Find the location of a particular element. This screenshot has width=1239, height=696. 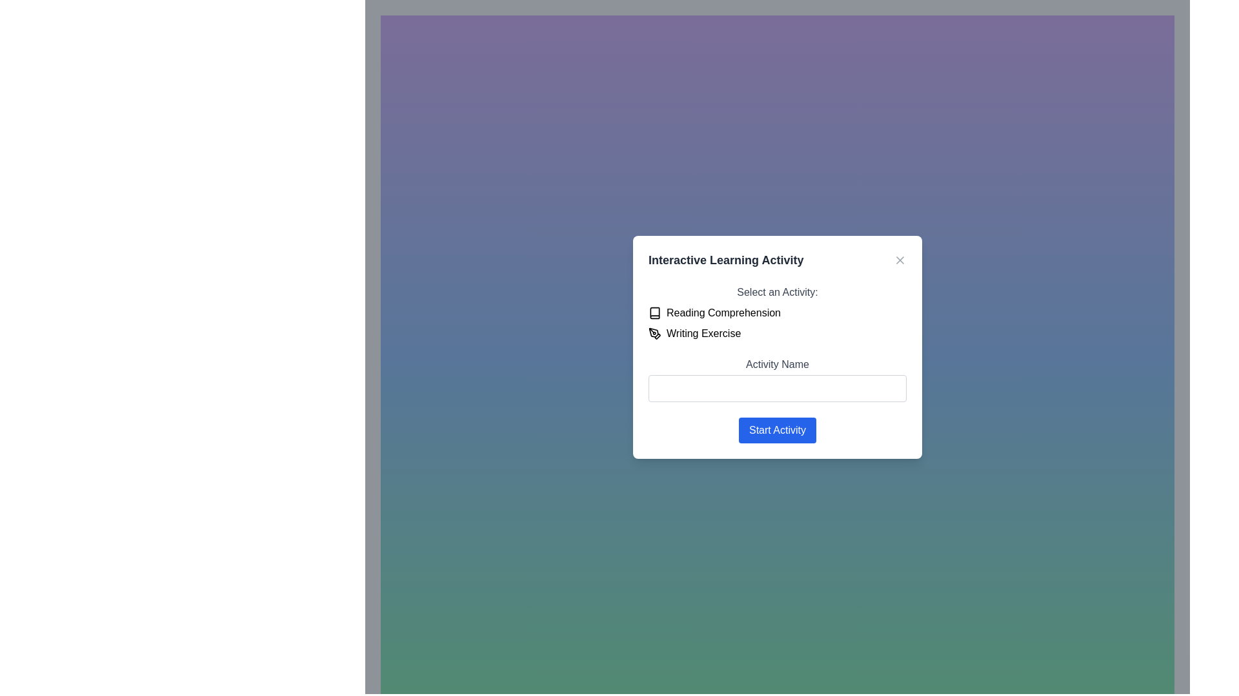

the static text element displaying two activity options, located on the right-hand side of the modal dialog box, below the 'Select an Activity' label is located at coordinates (776, 322).